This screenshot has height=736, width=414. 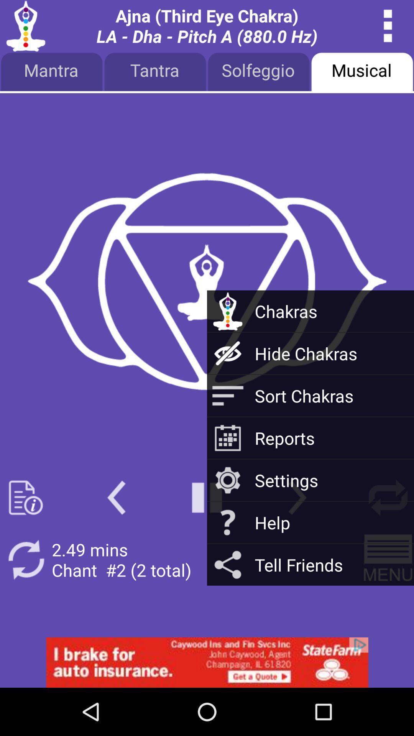 What do you see at coordinates (388, 26) in the screenshot?
I see `more details` at bounding box center [388, 26].